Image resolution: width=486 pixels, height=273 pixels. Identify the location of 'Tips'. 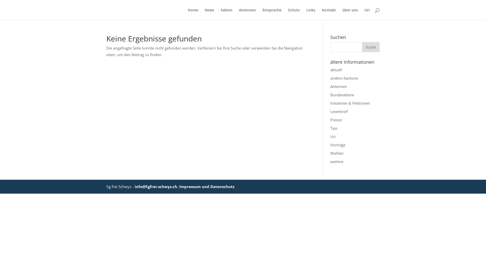
(334, 128).